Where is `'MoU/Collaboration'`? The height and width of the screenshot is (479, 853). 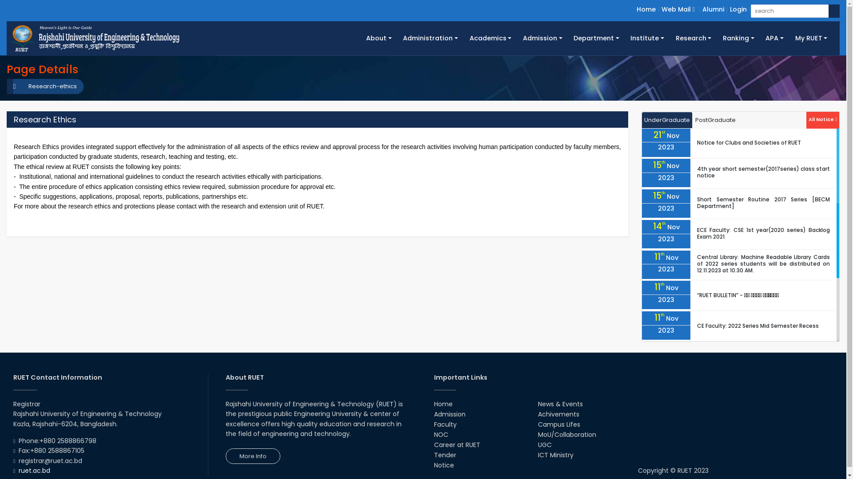 'MoU/Collaboration' is located at coordinates (537, 434).